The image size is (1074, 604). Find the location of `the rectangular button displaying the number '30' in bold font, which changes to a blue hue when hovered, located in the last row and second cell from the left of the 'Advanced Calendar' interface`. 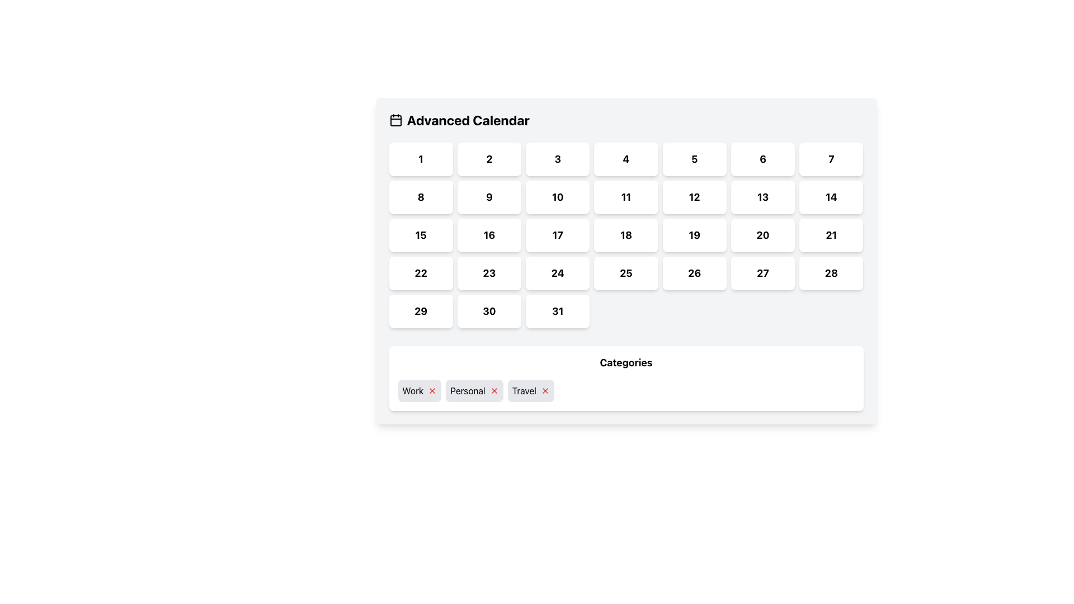

the rectangular button displaying the number '30' in bold font, which changes to a blue hue when hovered, located in the last row and second cell from the left of the 'Advanced Calendar' interface is located at coordinates (489, 311).